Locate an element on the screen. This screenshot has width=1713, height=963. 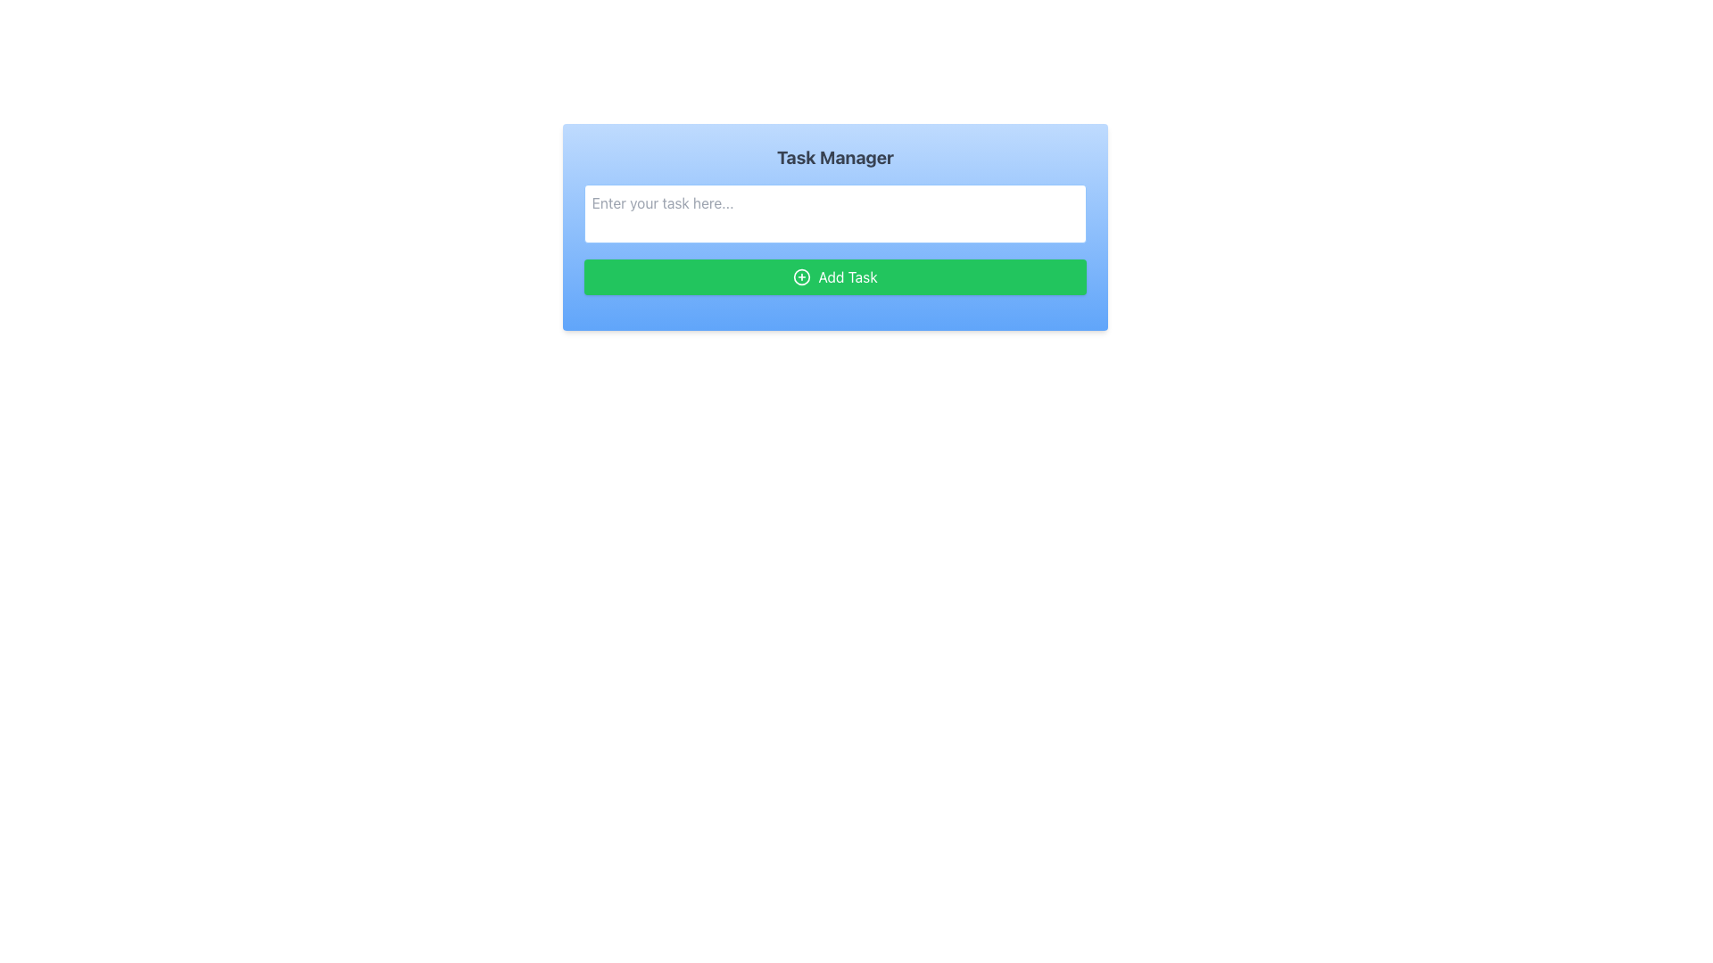
the static text label that serves as a heading for the Task Manager section, located above the text input placeholder is located at coordinates (834, 157).